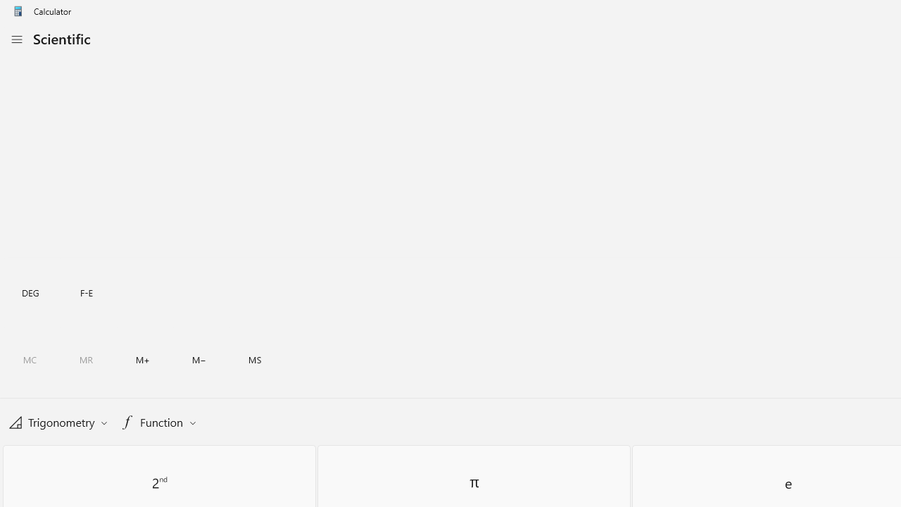 The width and height of the screenshot is (901, 507). What do you see at coordinates (158, 421) in the screenshot?
I see `'Functions'` at bounding box center [158, 421].